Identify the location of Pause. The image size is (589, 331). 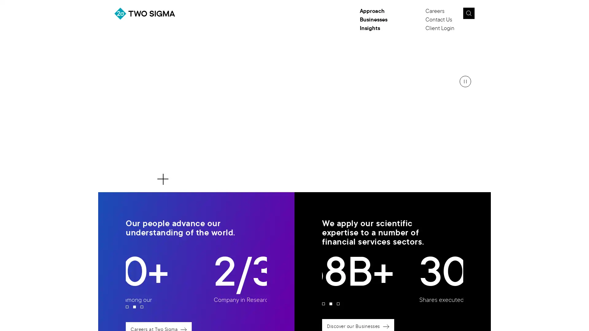
(465, 81).